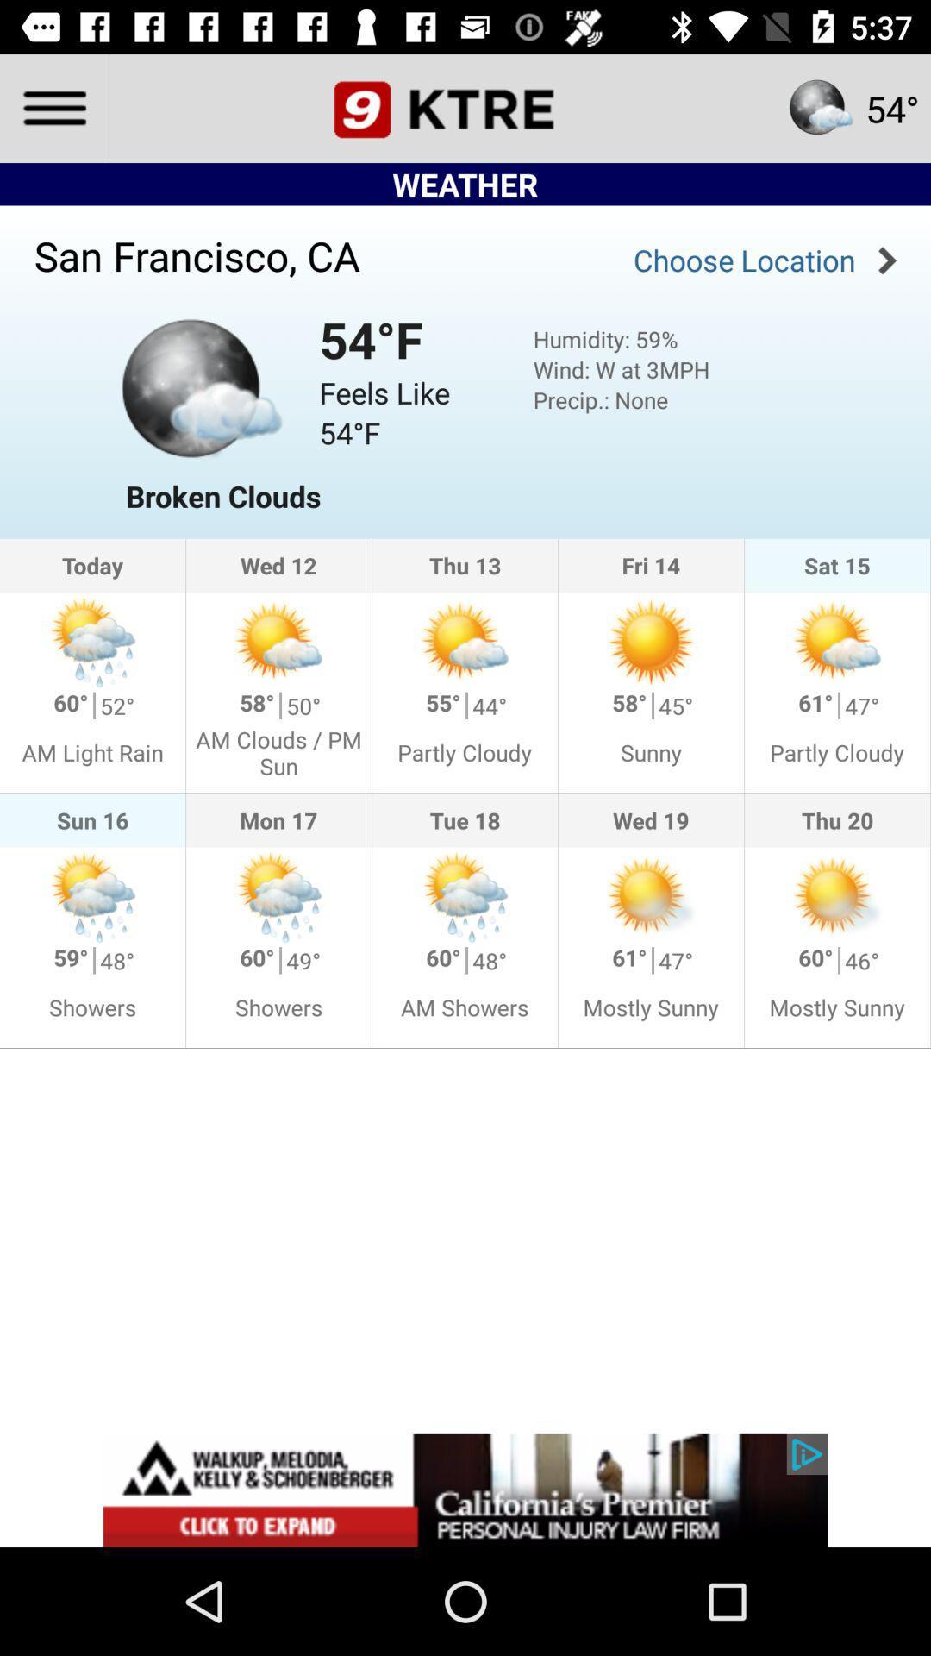  Describe the element at coordinates (53, 107) in the screenshot. I see `the menu icon` at that location.